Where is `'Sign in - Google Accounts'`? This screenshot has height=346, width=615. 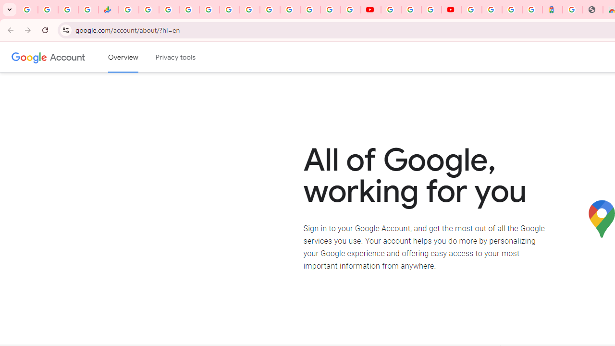 'Sign in - Google Accounts' is located at coordinates (492, 10).